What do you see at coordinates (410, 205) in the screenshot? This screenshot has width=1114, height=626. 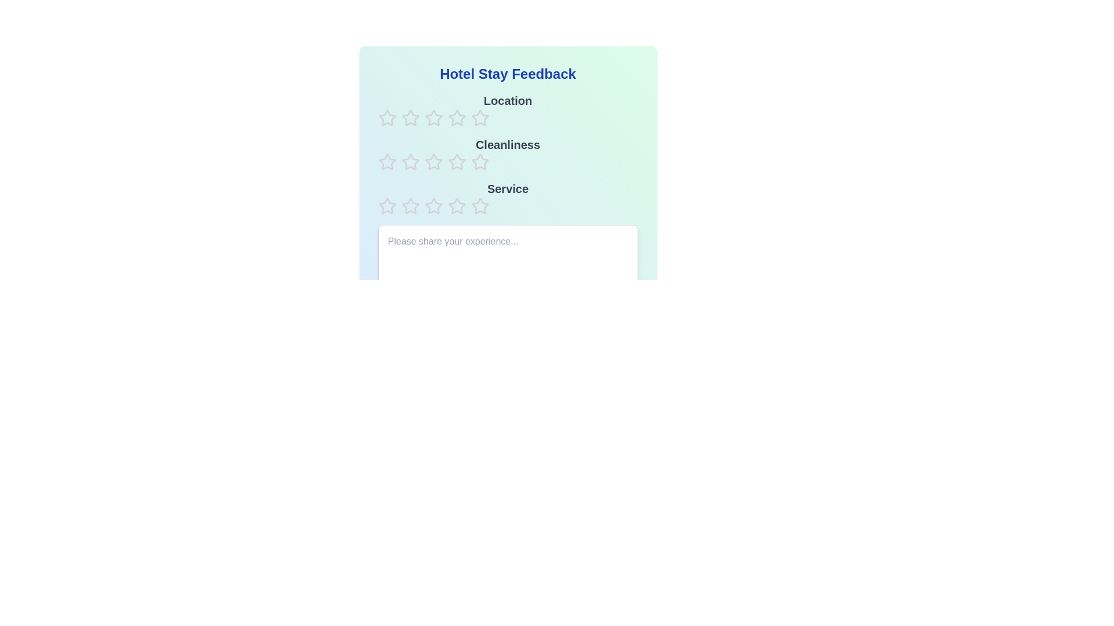 I see `the first star in the third row labeled 'Service' to rate it` at bounding box center [410, 205].